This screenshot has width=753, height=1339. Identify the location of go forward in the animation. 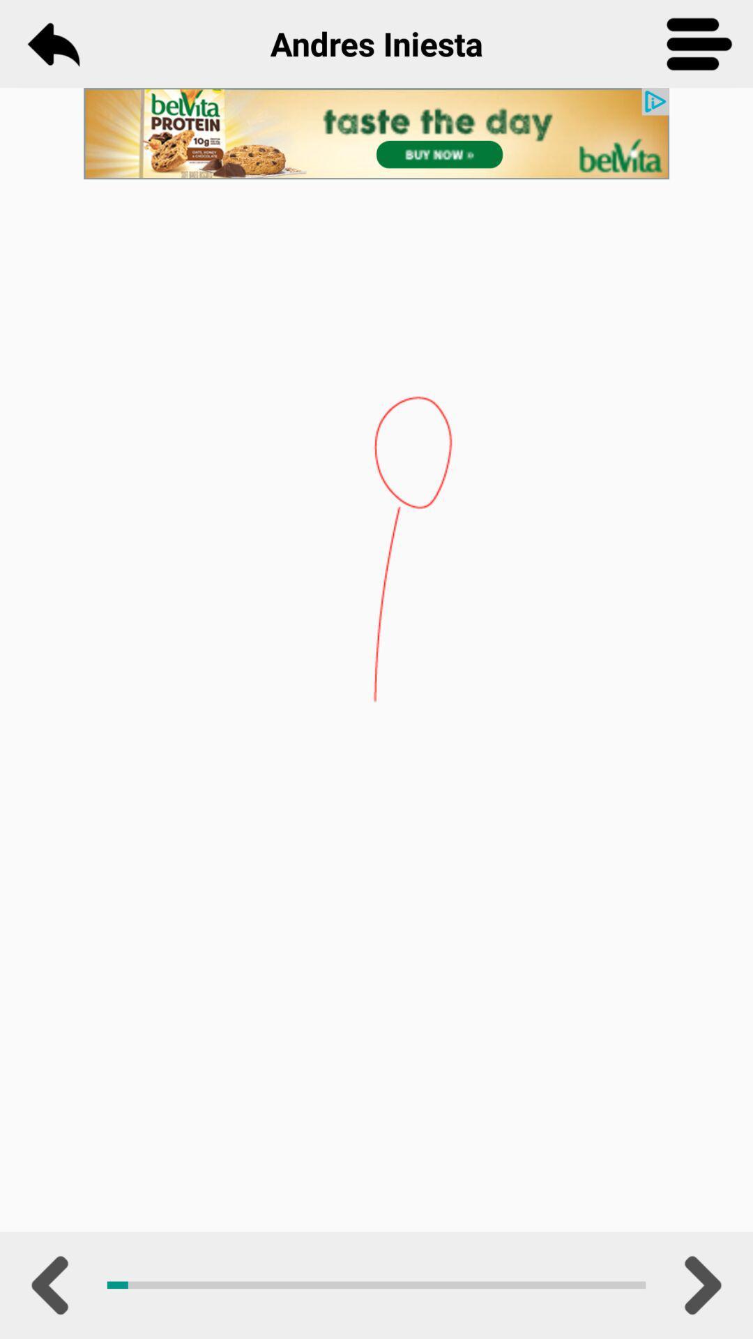
(699, 1285).